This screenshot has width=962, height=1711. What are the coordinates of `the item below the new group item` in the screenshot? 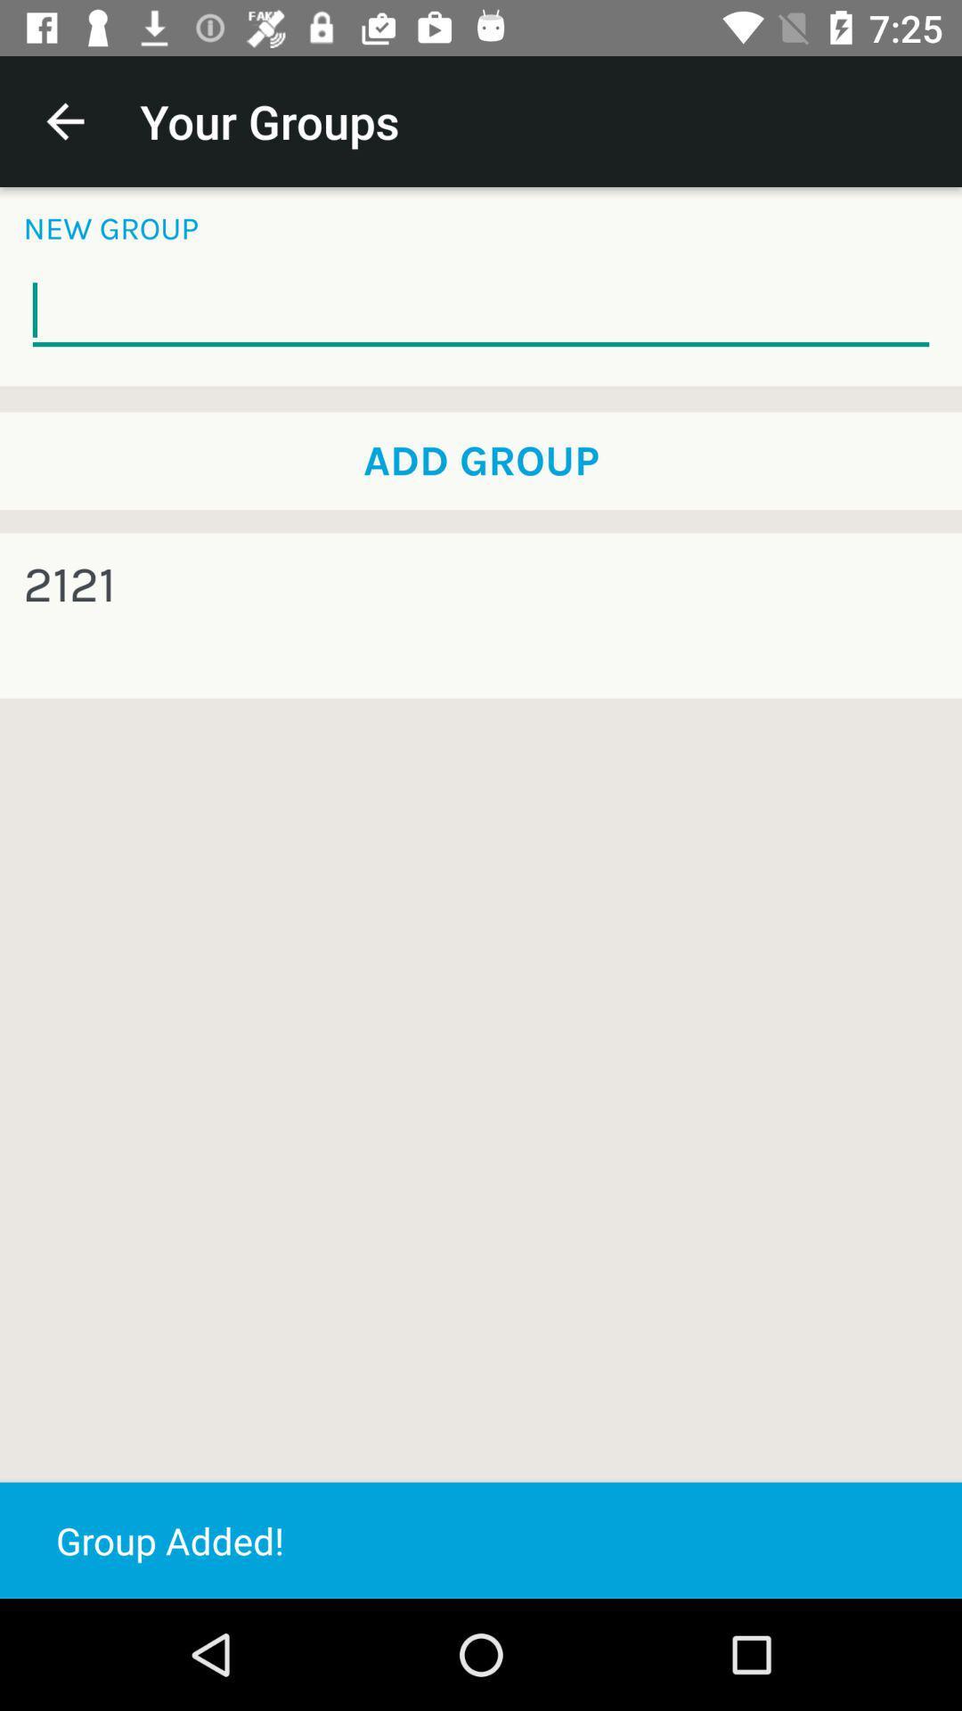 It's located at (481, 311).